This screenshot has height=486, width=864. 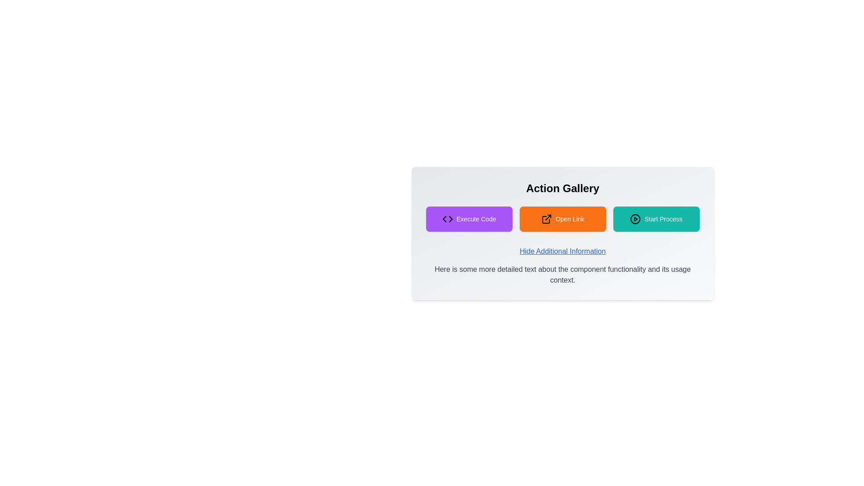 I want to click on the external link icon styled as an arrow within the 'Open Link' button, which is bright orange with rounded corners and white text, so click(x=546, y=219).